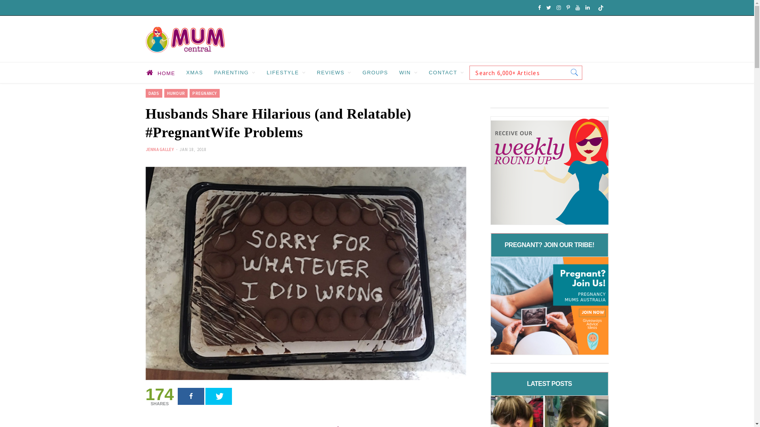 The height and width of the screenshot is (427, 760). What do you see at coordinates (578, 8) in the screenshot?
I see `'YouTube'` at bounding box center [578, 8].